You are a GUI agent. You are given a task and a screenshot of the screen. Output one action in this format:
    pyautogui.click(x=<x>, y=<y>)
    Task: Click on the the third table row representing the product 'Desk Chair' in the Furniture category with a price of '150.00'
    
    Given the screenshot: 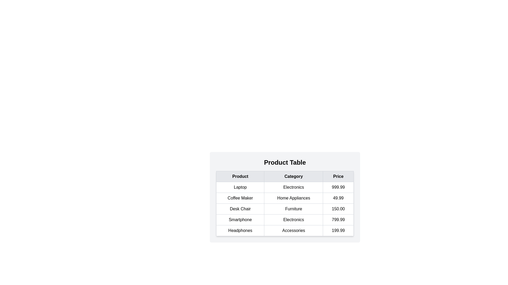 What is the action you would take?
    pyautogui.click(x=284, y=208)
    